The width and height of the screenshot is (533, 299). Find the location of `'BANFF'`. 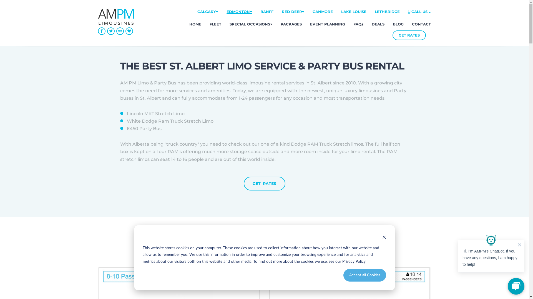

'BANFF' is located at coordinates (267, 12).